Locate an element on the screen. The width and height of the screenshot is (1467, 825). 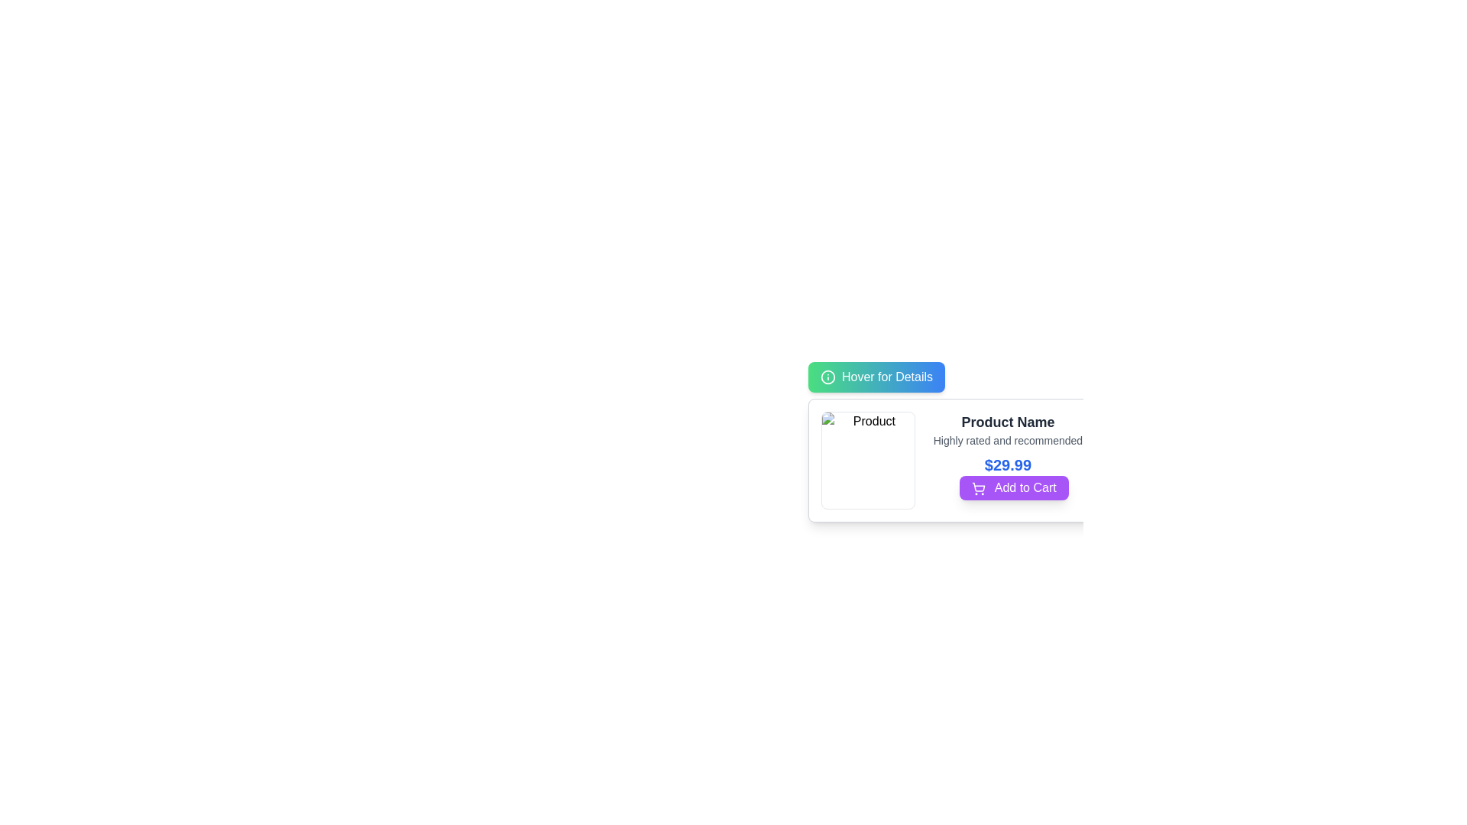
the cart frame element in the shopping cart icon, located on the left side below the pricing information and the 'Add to Cart' button is located at coordinates (979, 487).